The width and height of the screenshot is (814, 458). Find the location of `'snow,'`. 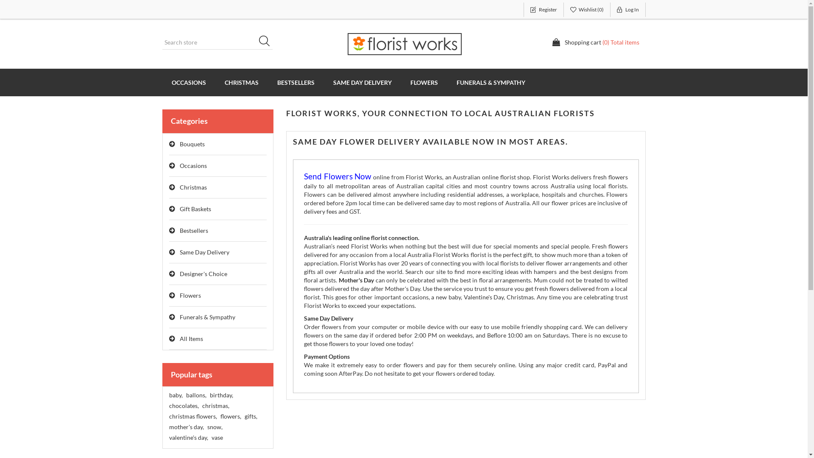

'snow,' is located at coordinates (214, 427).